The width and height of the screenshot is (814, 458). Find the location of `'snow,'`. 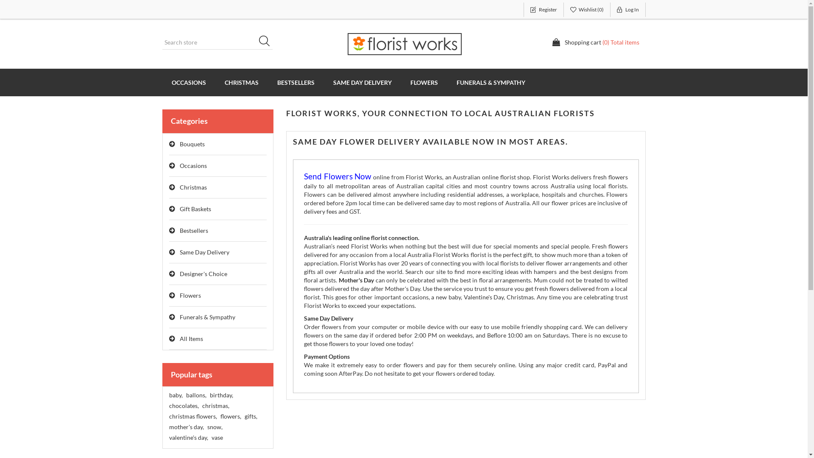

'snow,' is located at coordinates (214, 427).